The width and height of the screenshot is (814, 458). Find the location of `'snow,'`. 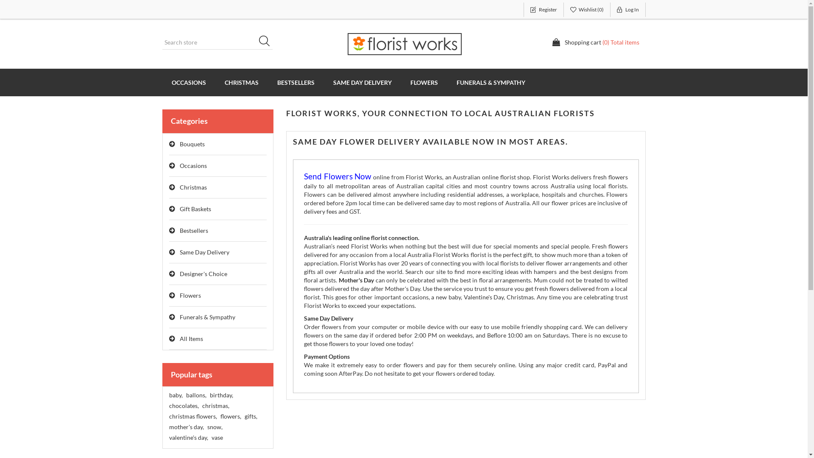

'snow,' is located at coordinates (214, 427).